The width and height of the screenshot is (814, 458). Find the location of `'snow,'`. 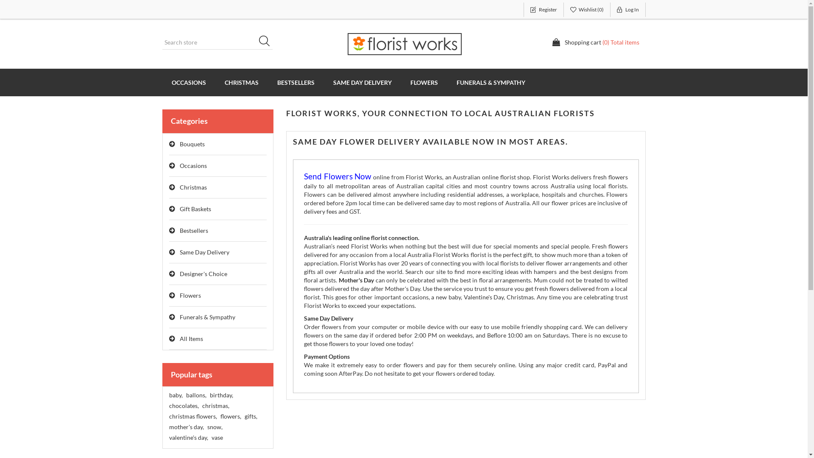

'snow,' is located at coordinates (214, 427).